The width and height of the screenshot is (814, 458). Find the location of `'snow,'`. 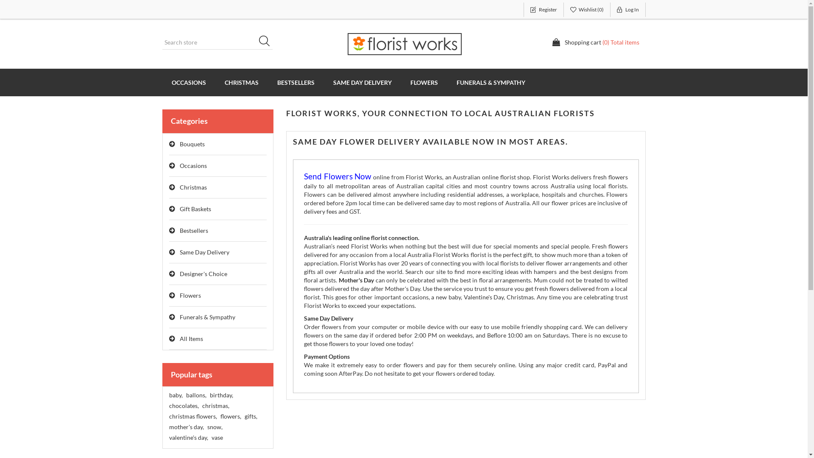

'snow,' is located at coordinates (214, 427).